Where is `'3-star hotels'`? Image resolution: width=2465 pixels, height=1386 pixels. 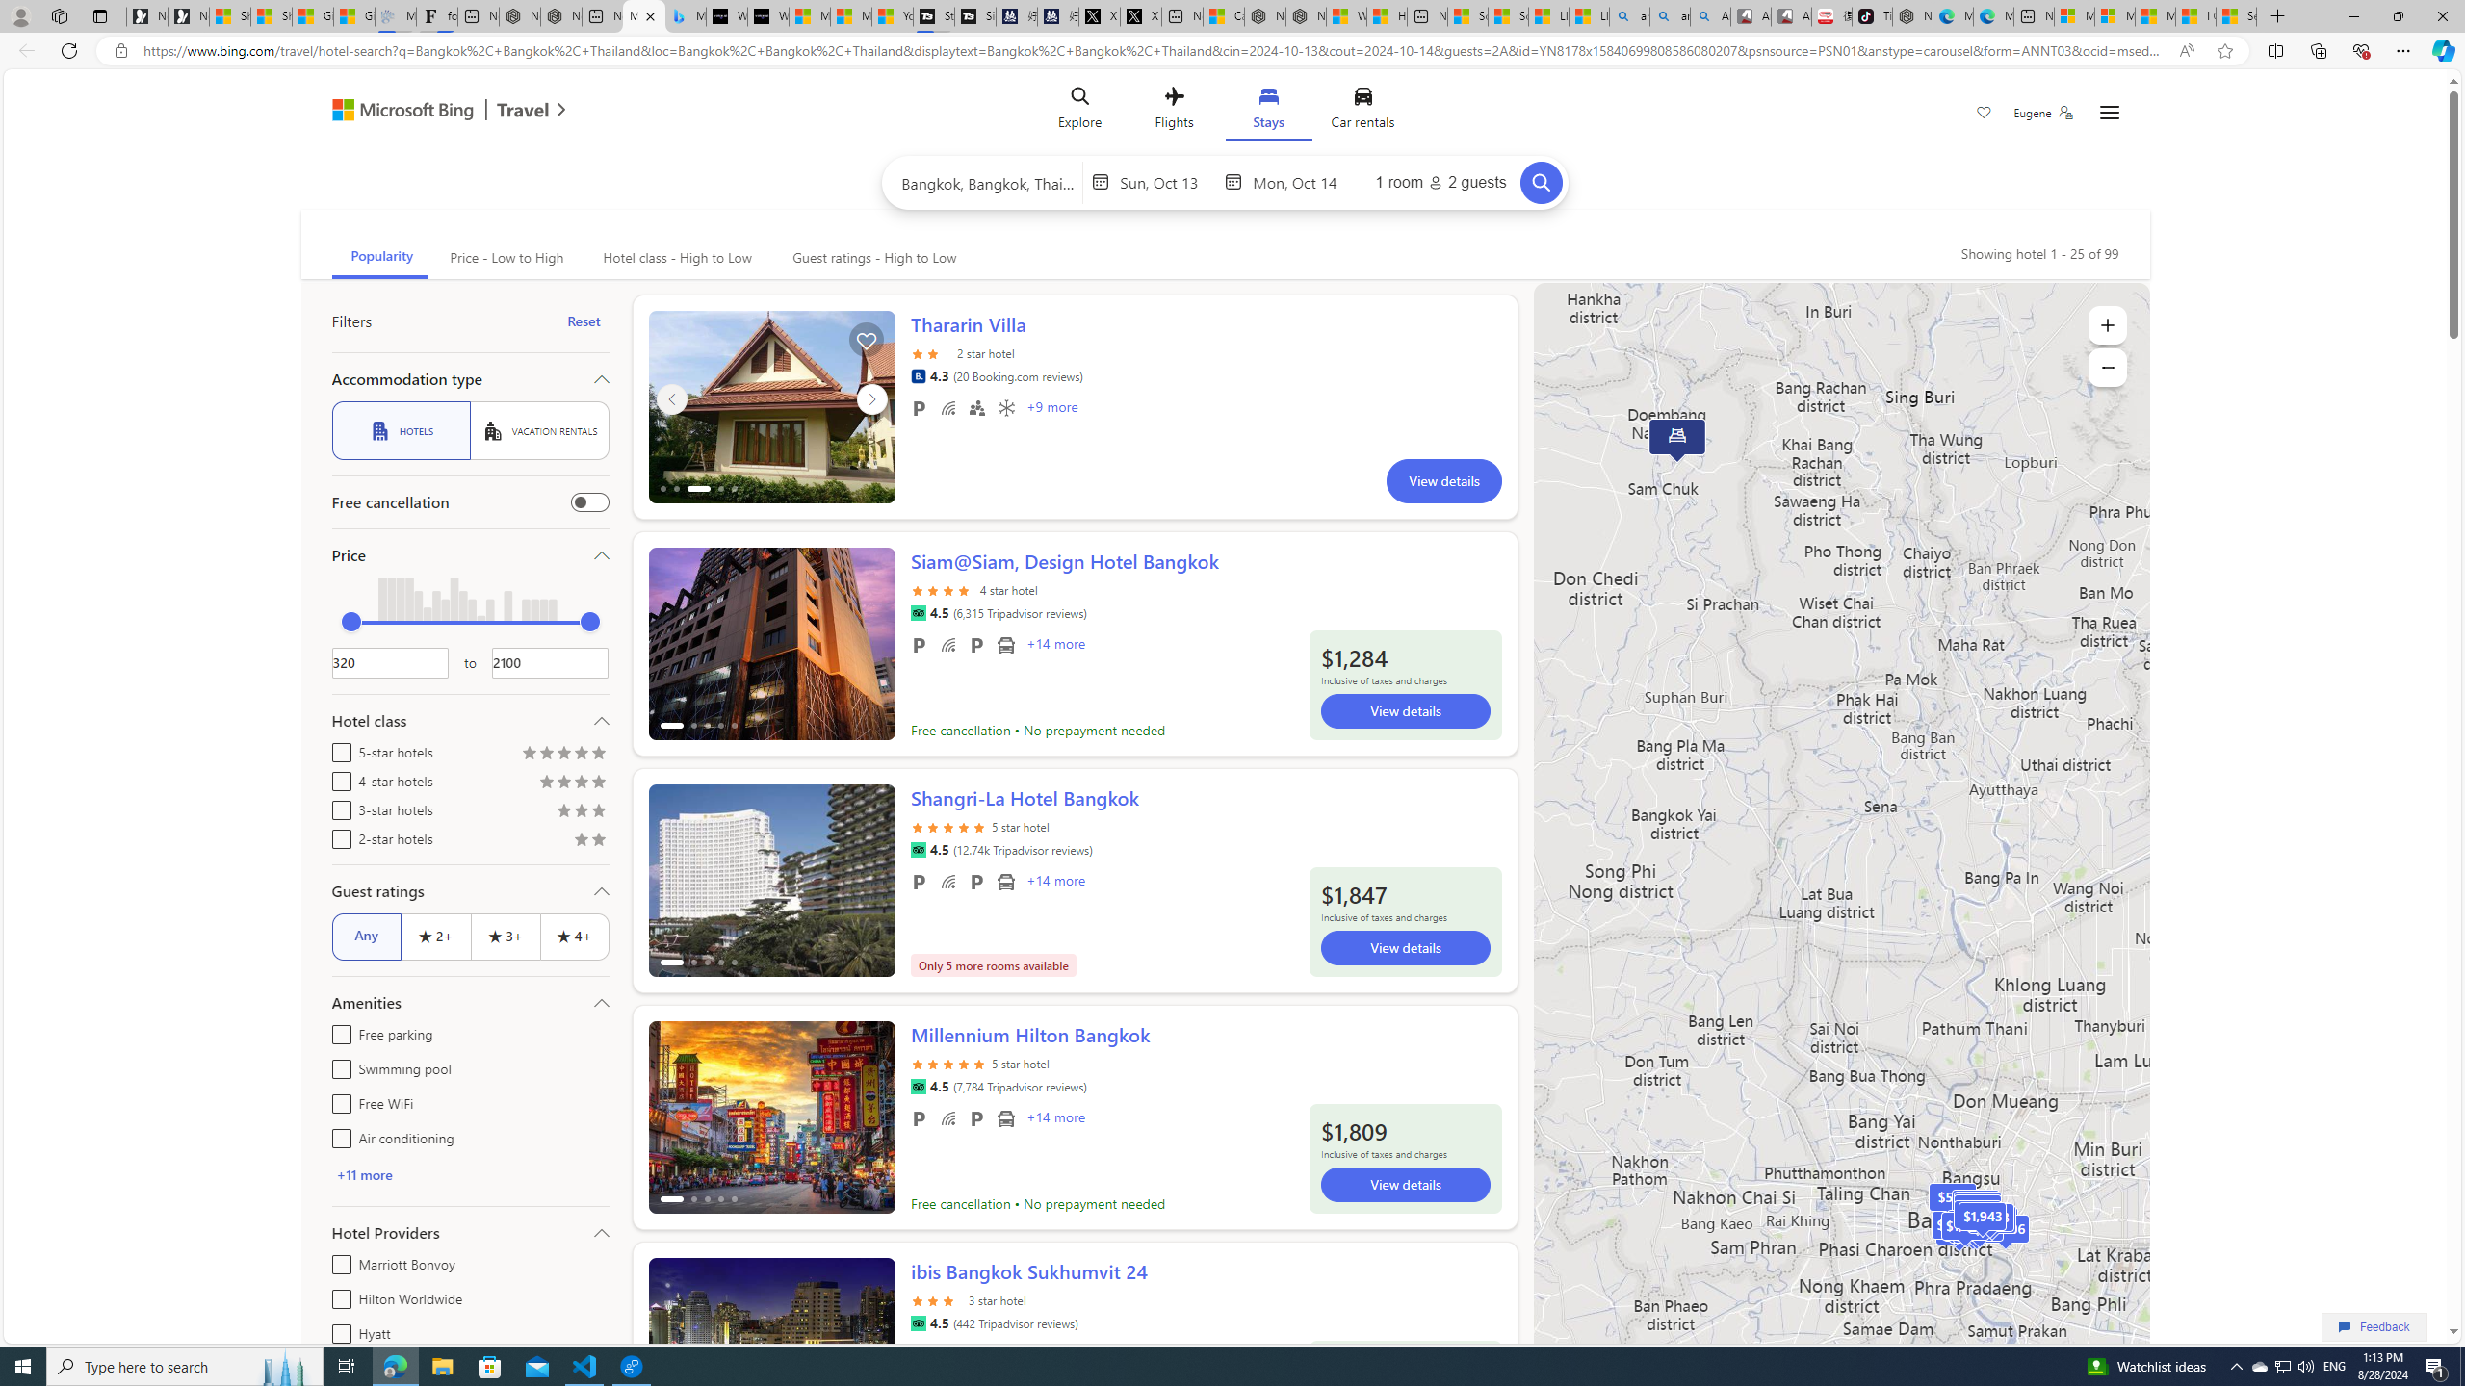 '3-star hotels' is located at coordinates (337, 807).